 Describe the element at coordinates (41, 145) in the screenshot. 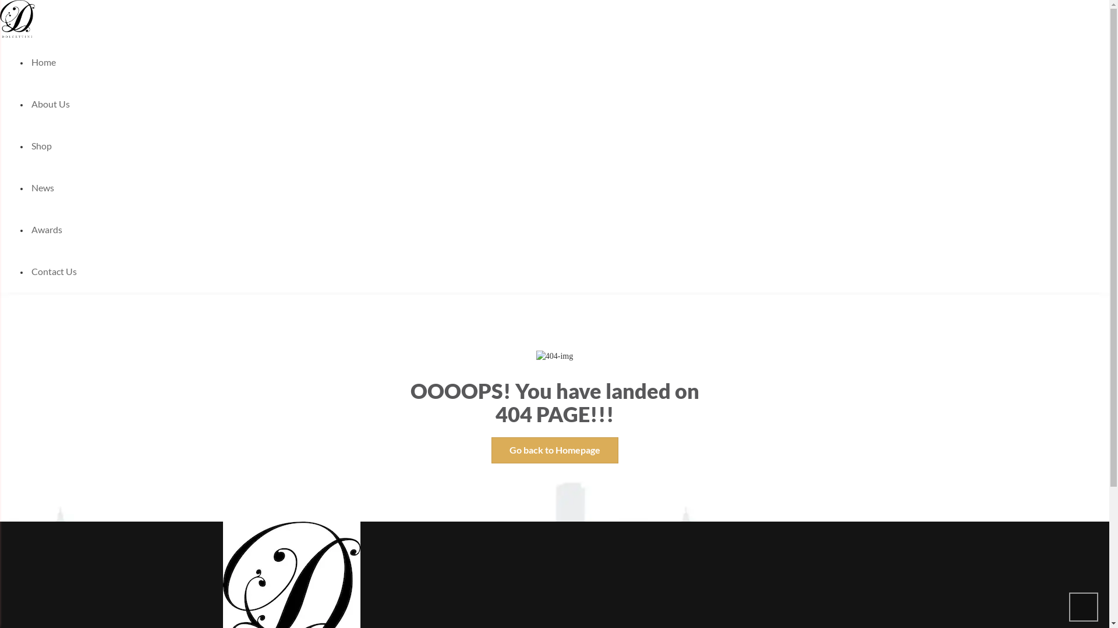

I see `'Shop'` at that location.